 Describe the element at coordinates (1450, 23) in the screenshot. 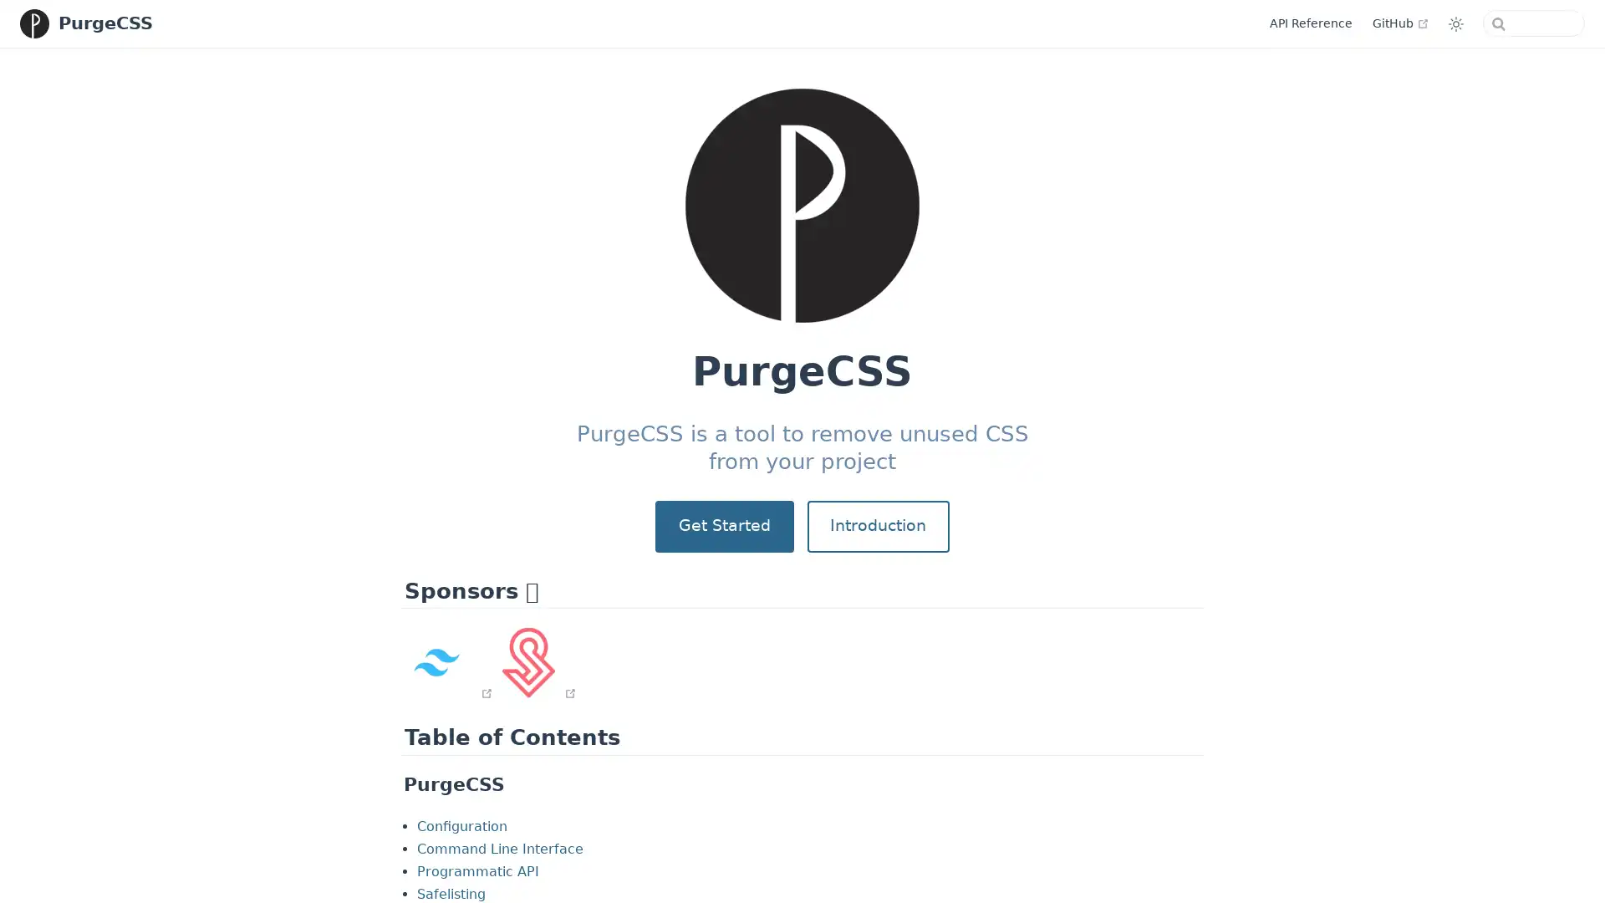

I see `toggle dark mode` at that location.